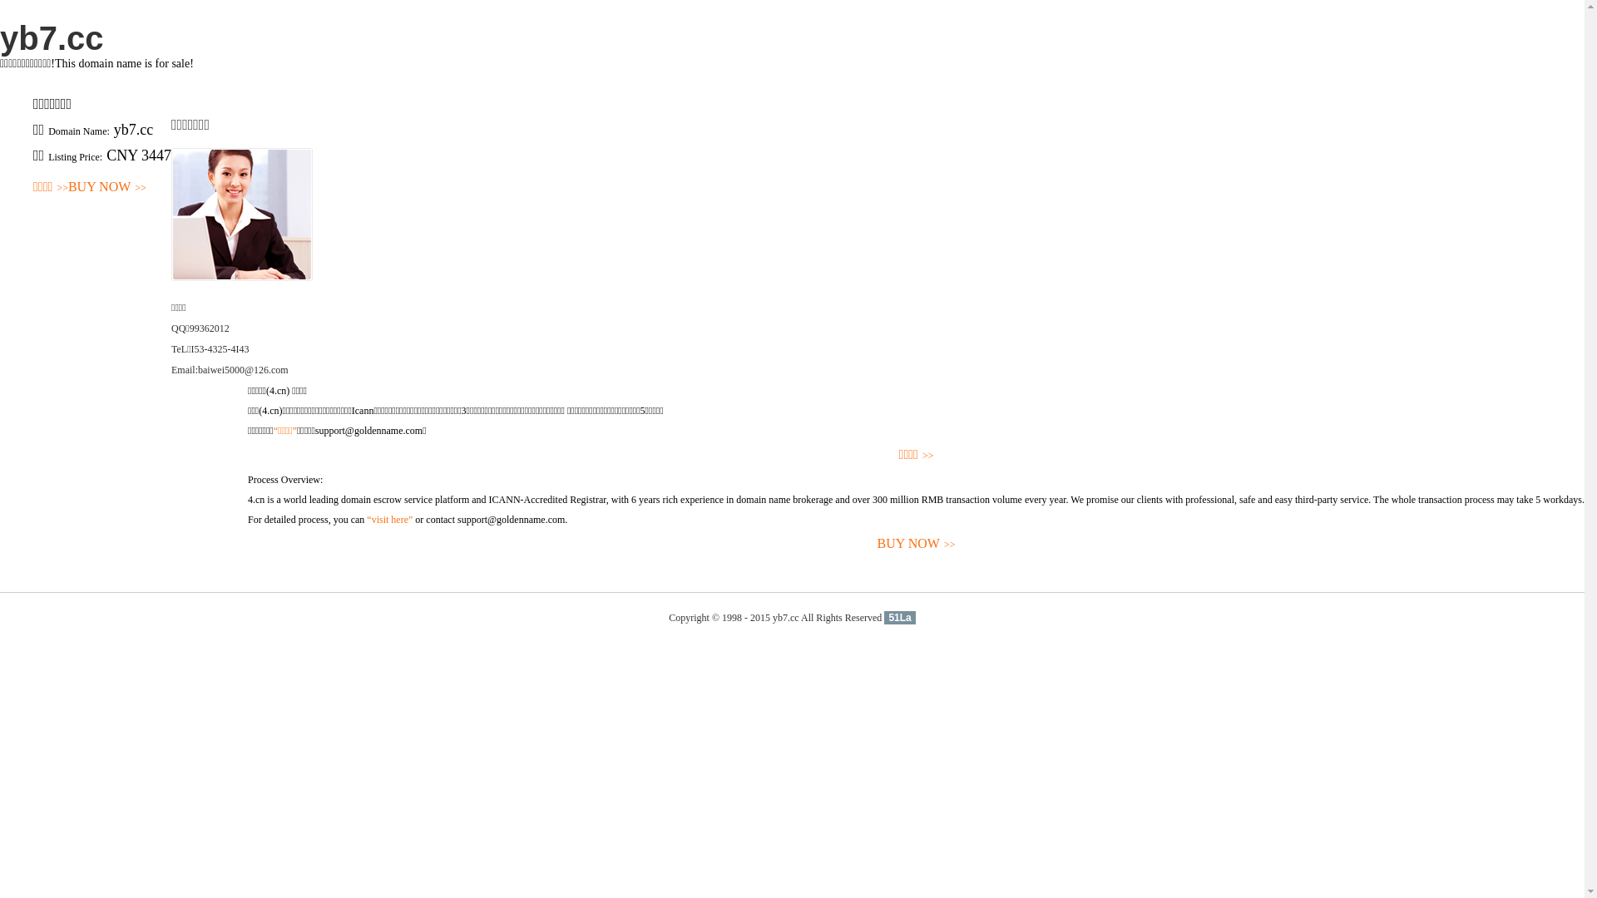  What do you see at coordinates (106, 187) in the screenshot?
I see `'BUY NOW>>'` at bounding box center [106, 187].